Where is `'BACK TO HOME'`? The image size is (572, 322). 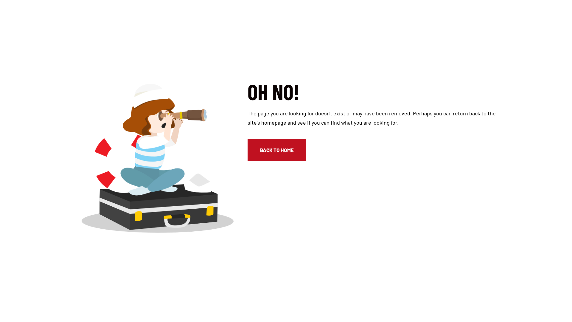 'BACK TO HOME' is located at coordinates (276, 149).